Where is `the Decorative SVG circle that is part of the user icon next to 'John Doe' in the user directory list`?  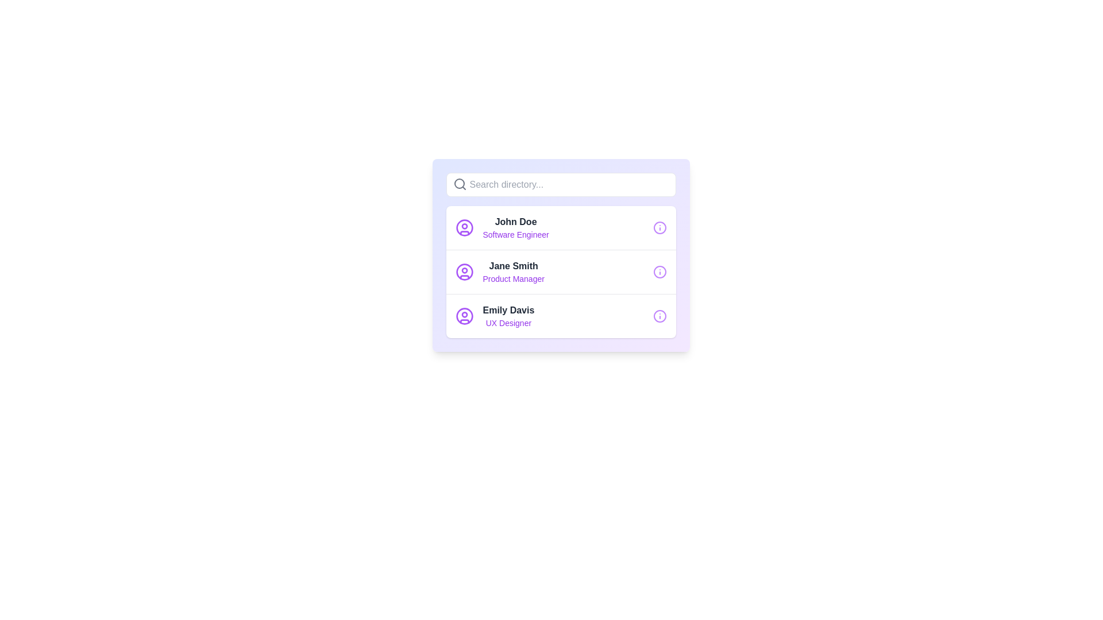
the Decorative SVG circle that is part of the user icon next to 'John Doe' in the user directory list is located at coordinates (464, 228).